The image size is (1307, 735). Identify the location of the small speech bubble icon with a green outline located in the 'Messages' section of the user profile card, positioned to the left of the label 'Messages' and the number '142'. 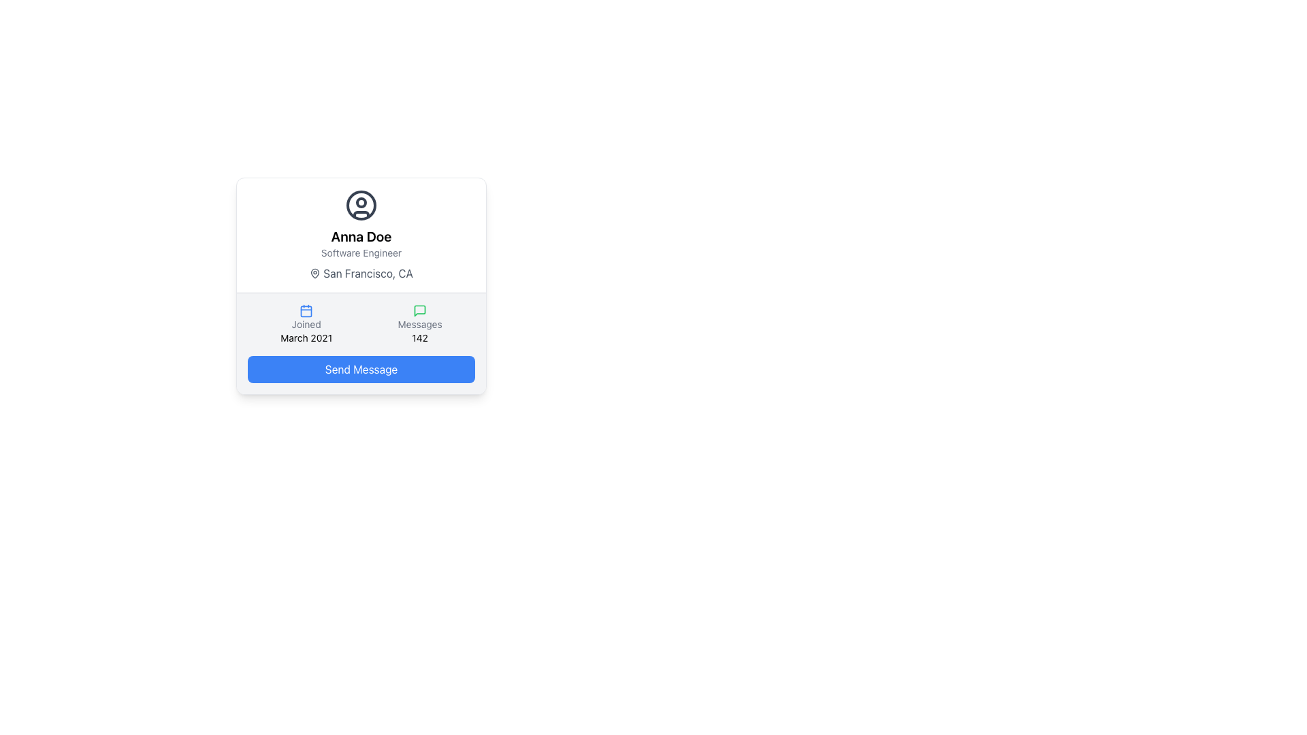
(419, 310).